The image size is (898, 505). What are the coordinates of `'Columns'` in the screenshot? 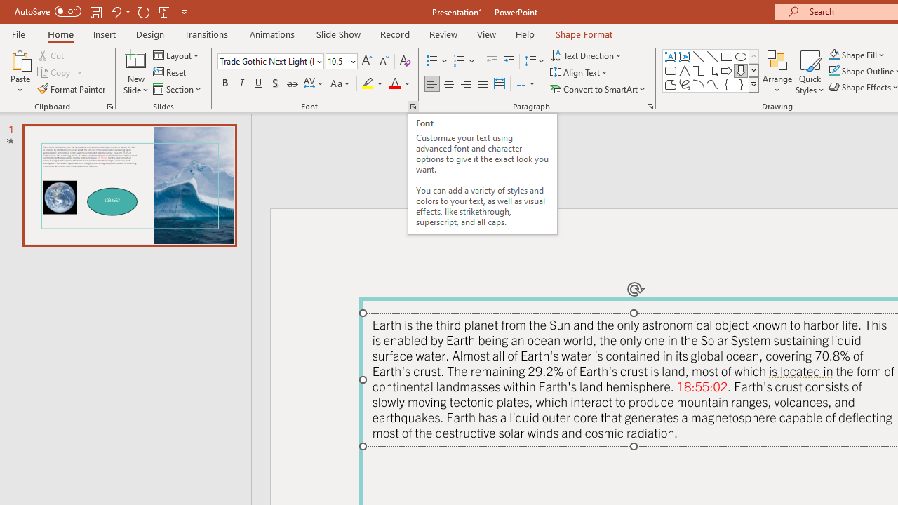 It's located at (525, 83).